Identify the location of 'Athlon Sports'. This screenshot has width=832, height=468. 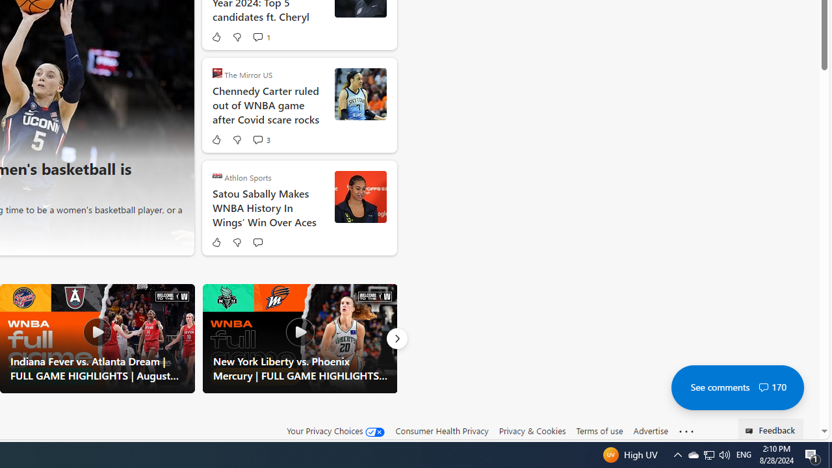
(217, 175).